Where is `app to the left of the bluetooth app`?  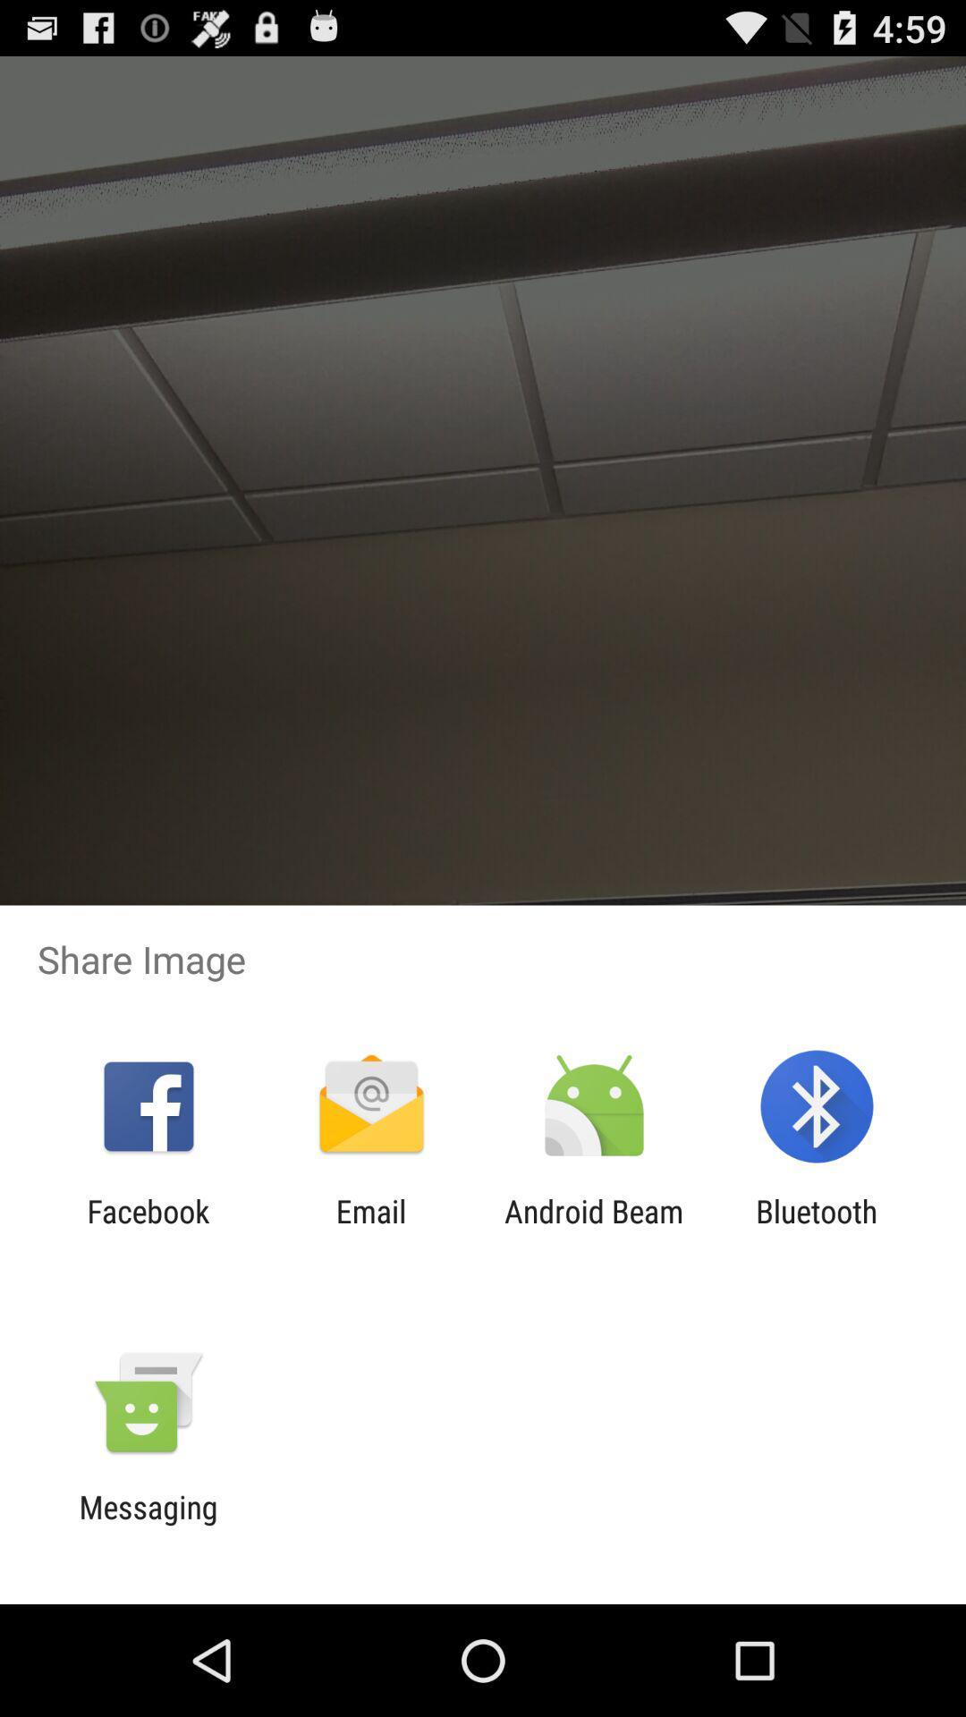
app to the left of the bluetooth app is located at coordinates (594, 1229).